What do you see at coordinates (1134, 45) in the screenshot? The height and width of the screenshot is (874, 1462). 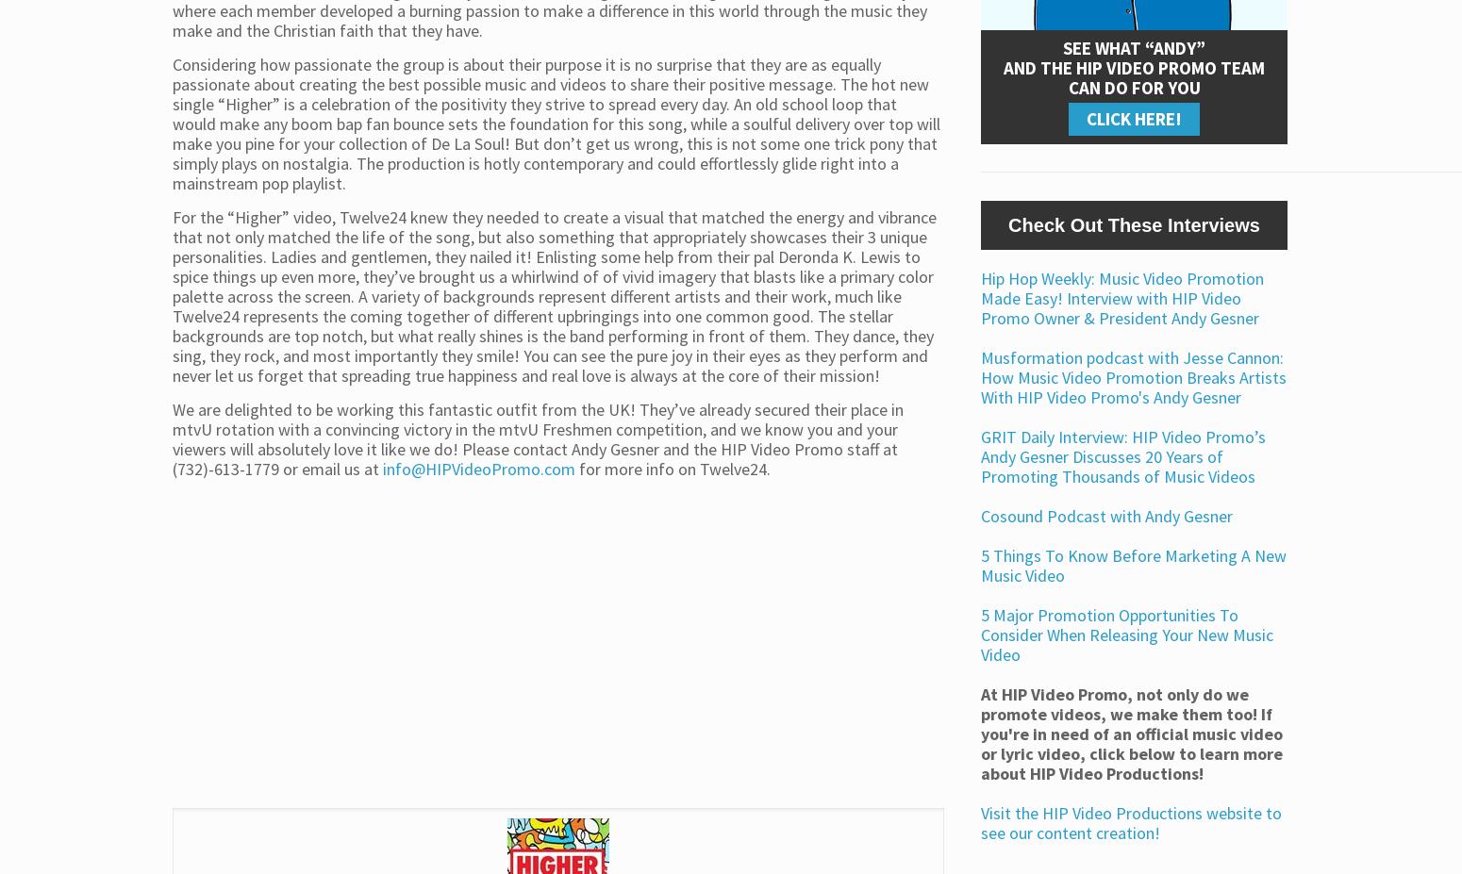 I see `'See what “Andy”'` at bounding box center [1134, 45].